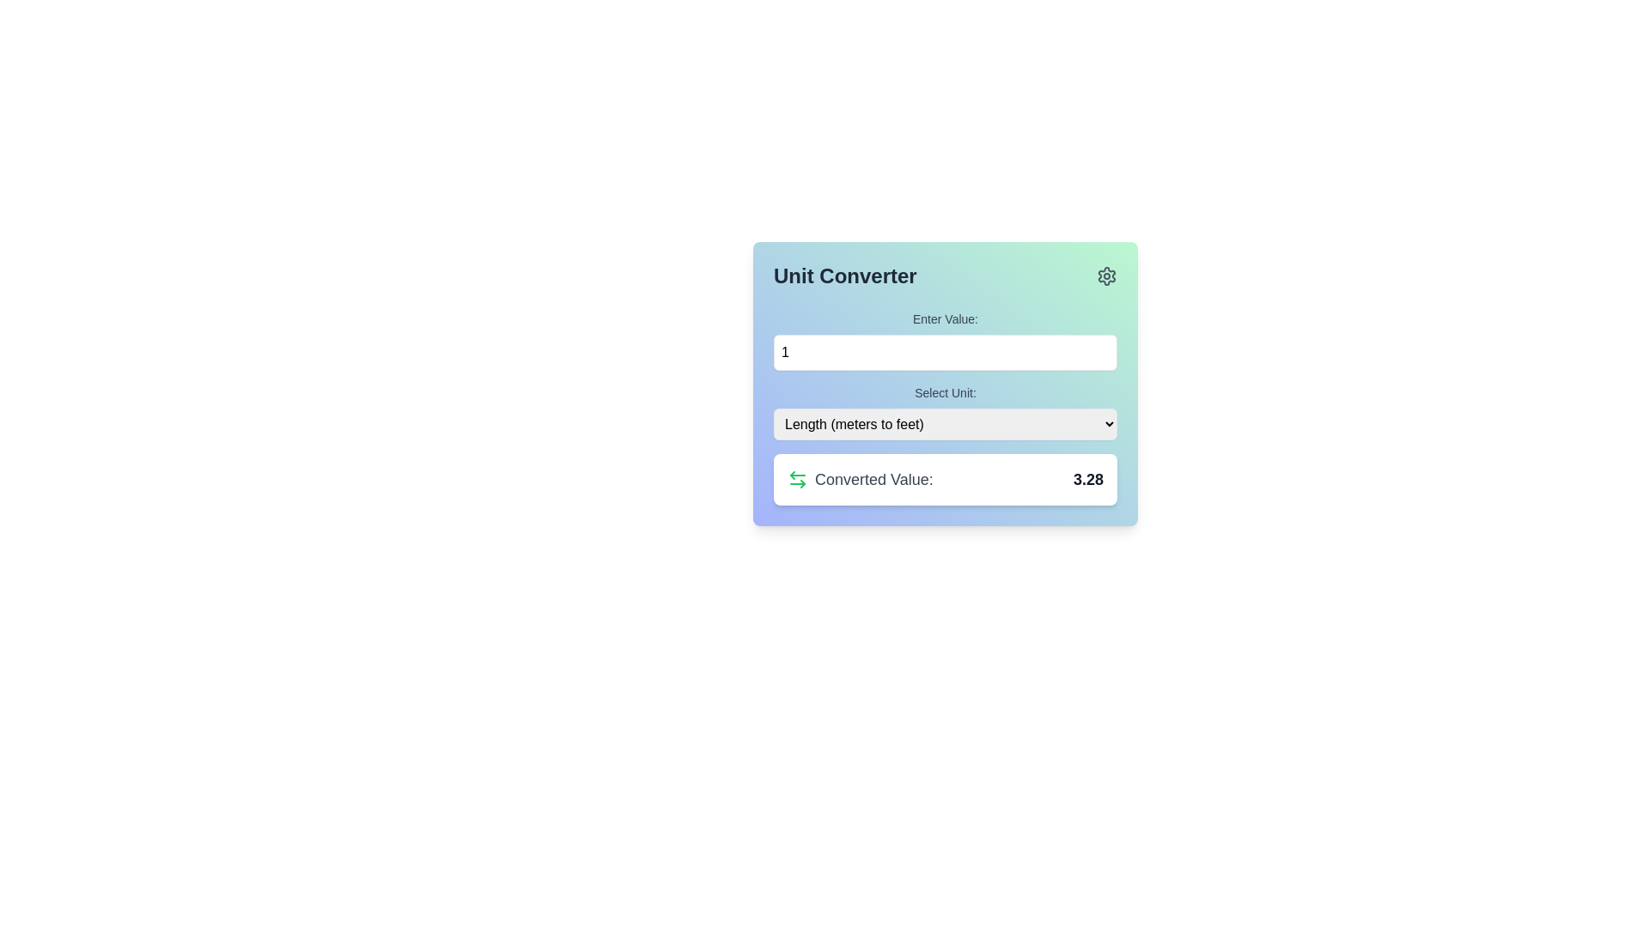 Image resolution: width=1649 pixels, height=927 pixels. What do you see at coordinates (873, 480) in the screenshot?
I see `the text label displaying 'Converted Value:' which is styled in medium-sized gray font, located in the lower section of the interface, adjacent to a green conversion arrows icon` at bounding box center [873, 480].